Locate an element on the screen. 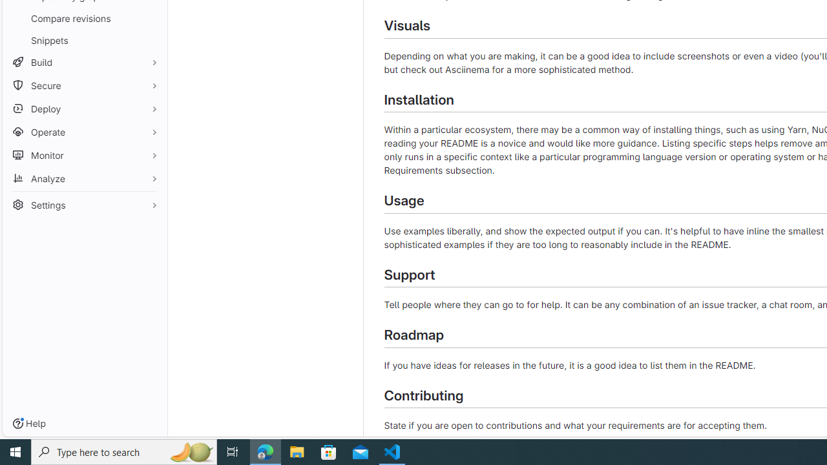 This screenshot has height=465, width=827. 'Operate' is located at coordinates (84, 132).